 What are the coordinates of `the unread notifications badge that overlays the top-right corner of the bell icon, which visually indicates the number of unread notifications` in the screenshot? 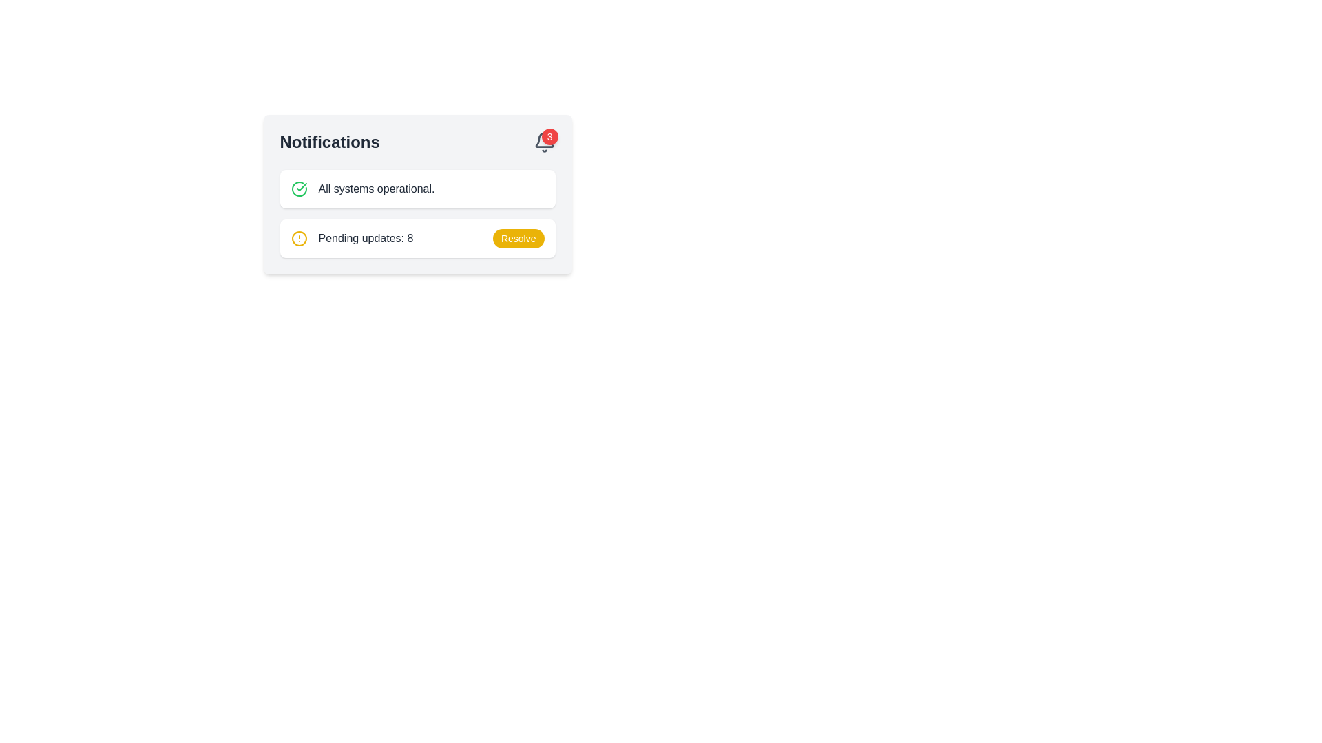 It's located at (543, 142).